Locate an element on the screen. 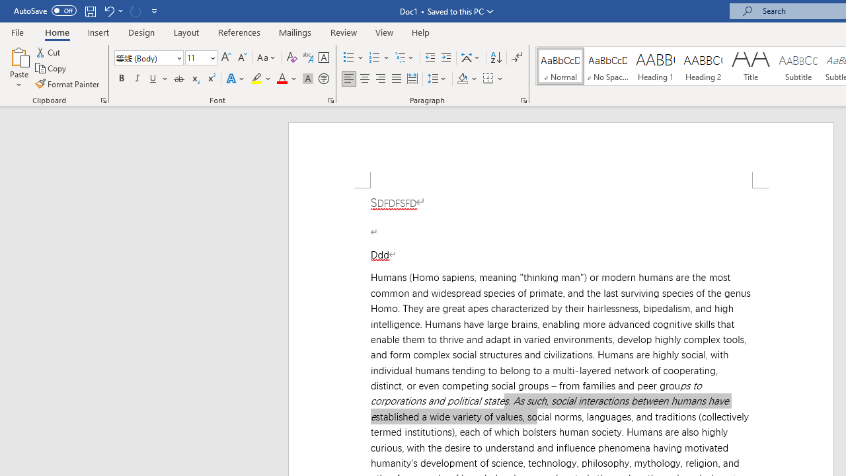 The width and height of the screenshot is (846, 476). 'Font Color' is located at coordinates (286, 79).